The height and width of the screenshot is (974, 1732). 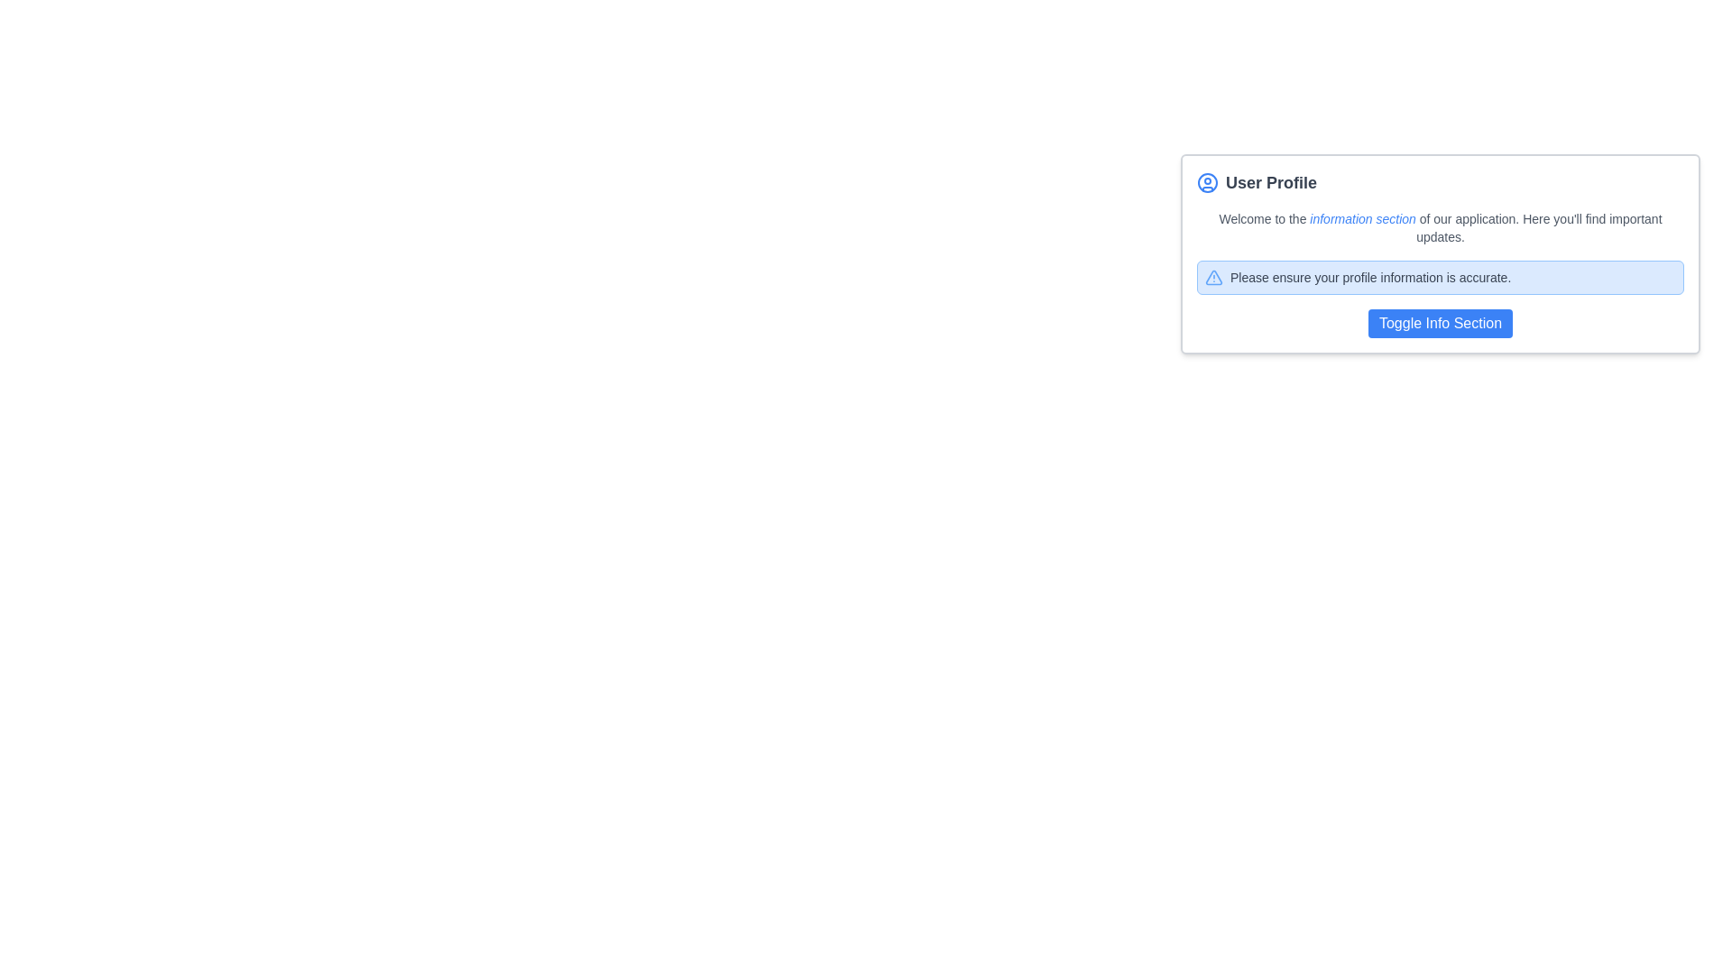 What do you see at coordinates (1213, 278) in the screenshot?
I see `the triangular icon with rounded corners, styled with a blue outline, located to the immediate left of the informational text in the profile information panel` at bounding box center [1213, 278].